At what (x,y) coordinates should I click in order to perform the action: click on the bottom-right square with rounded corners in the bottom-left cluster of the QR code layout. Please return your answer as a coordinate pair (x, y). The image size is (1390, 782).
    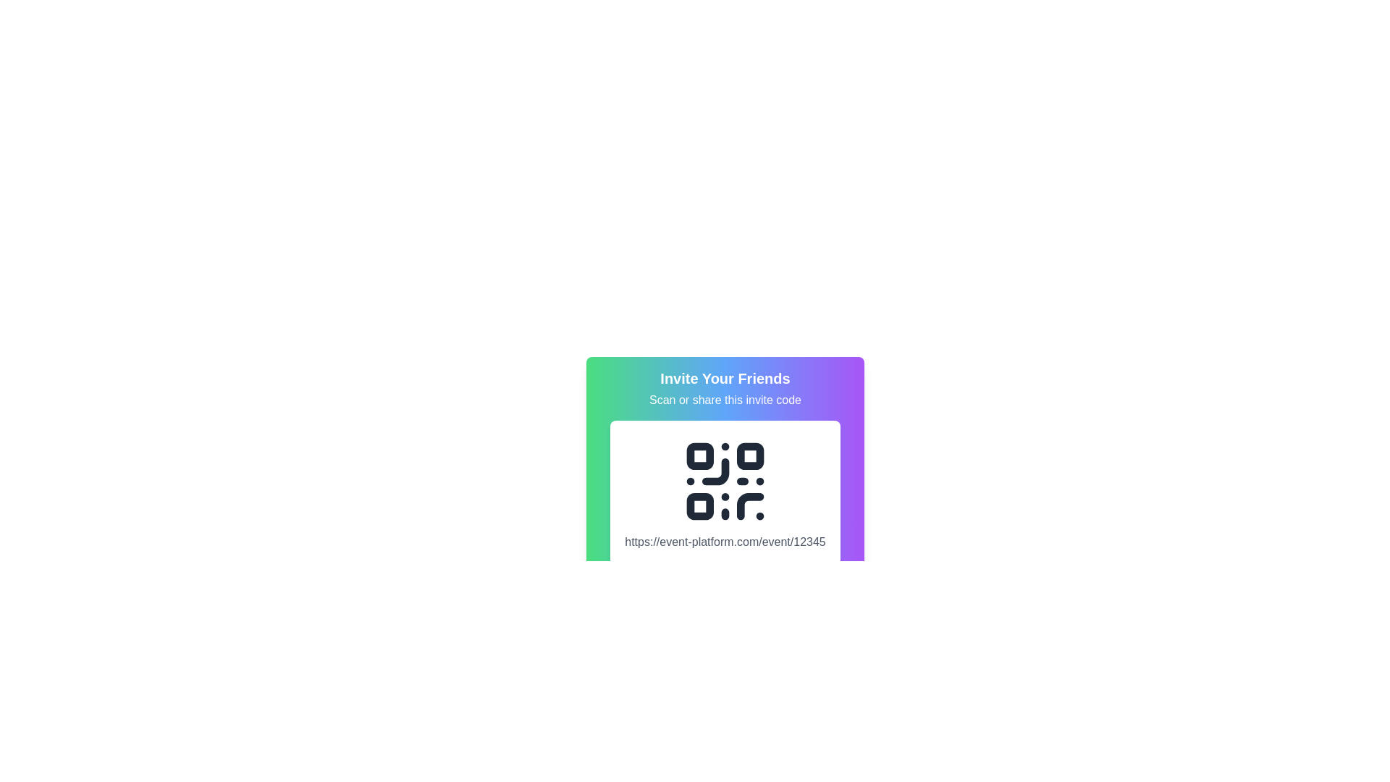
    Looking at the image, I should click on (700, 505).